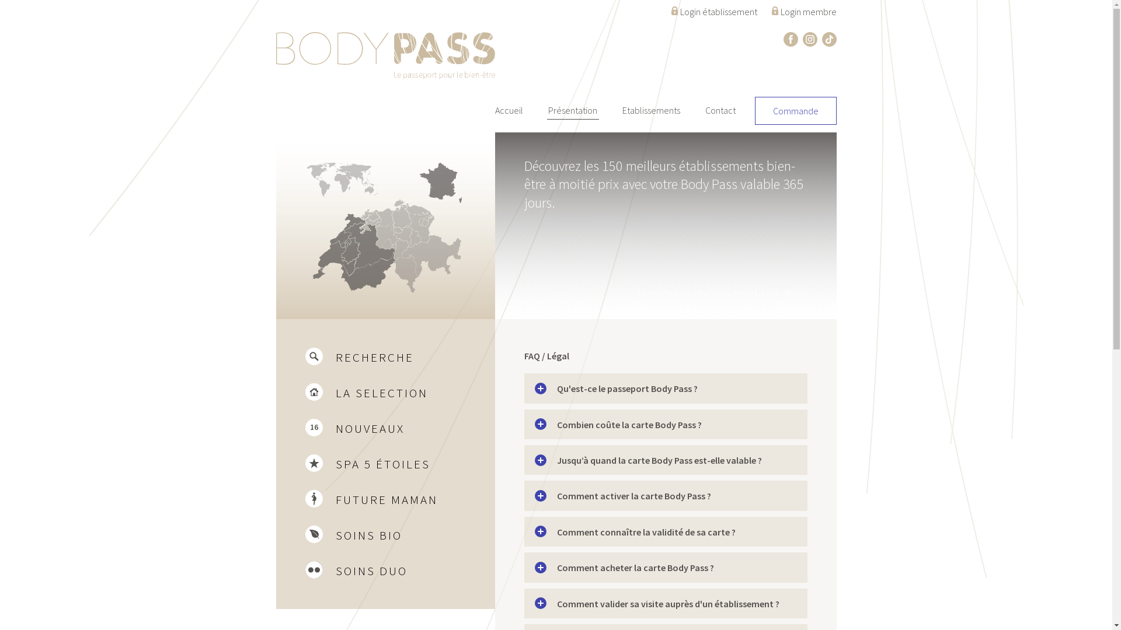 The height and width of the screenshot is (630, 1121). Describe the element at coordinates (650, 110) in the screenshot. I see `'Etablissements'` at that location.